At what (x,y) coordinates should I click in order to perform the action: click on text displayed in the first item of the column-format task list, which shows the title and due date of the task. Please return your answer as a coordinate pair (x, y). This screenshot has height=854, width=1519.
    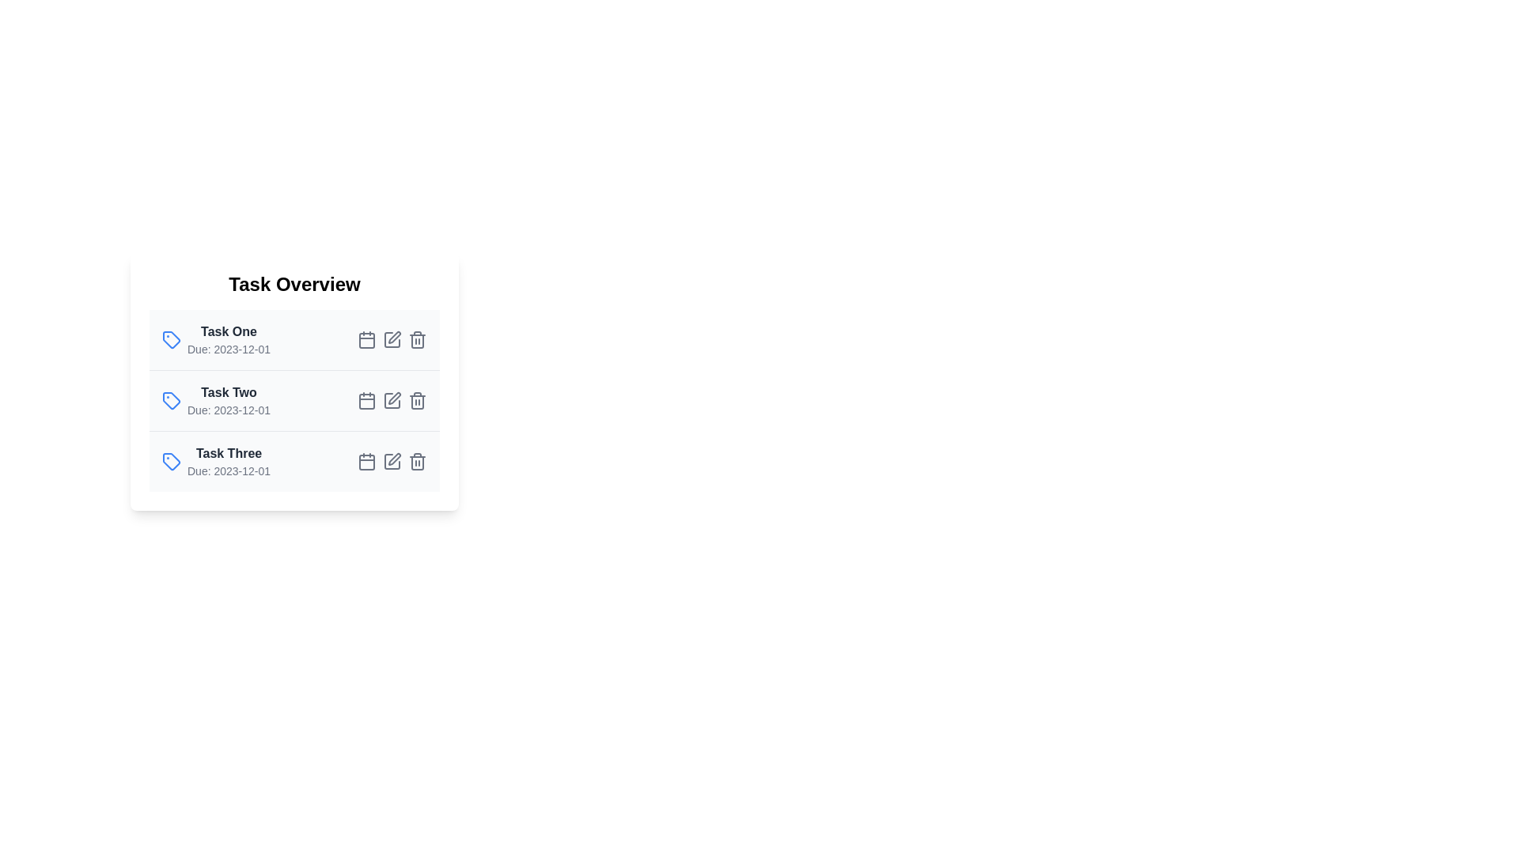
    Looking at the image, I should click on (228, 338).